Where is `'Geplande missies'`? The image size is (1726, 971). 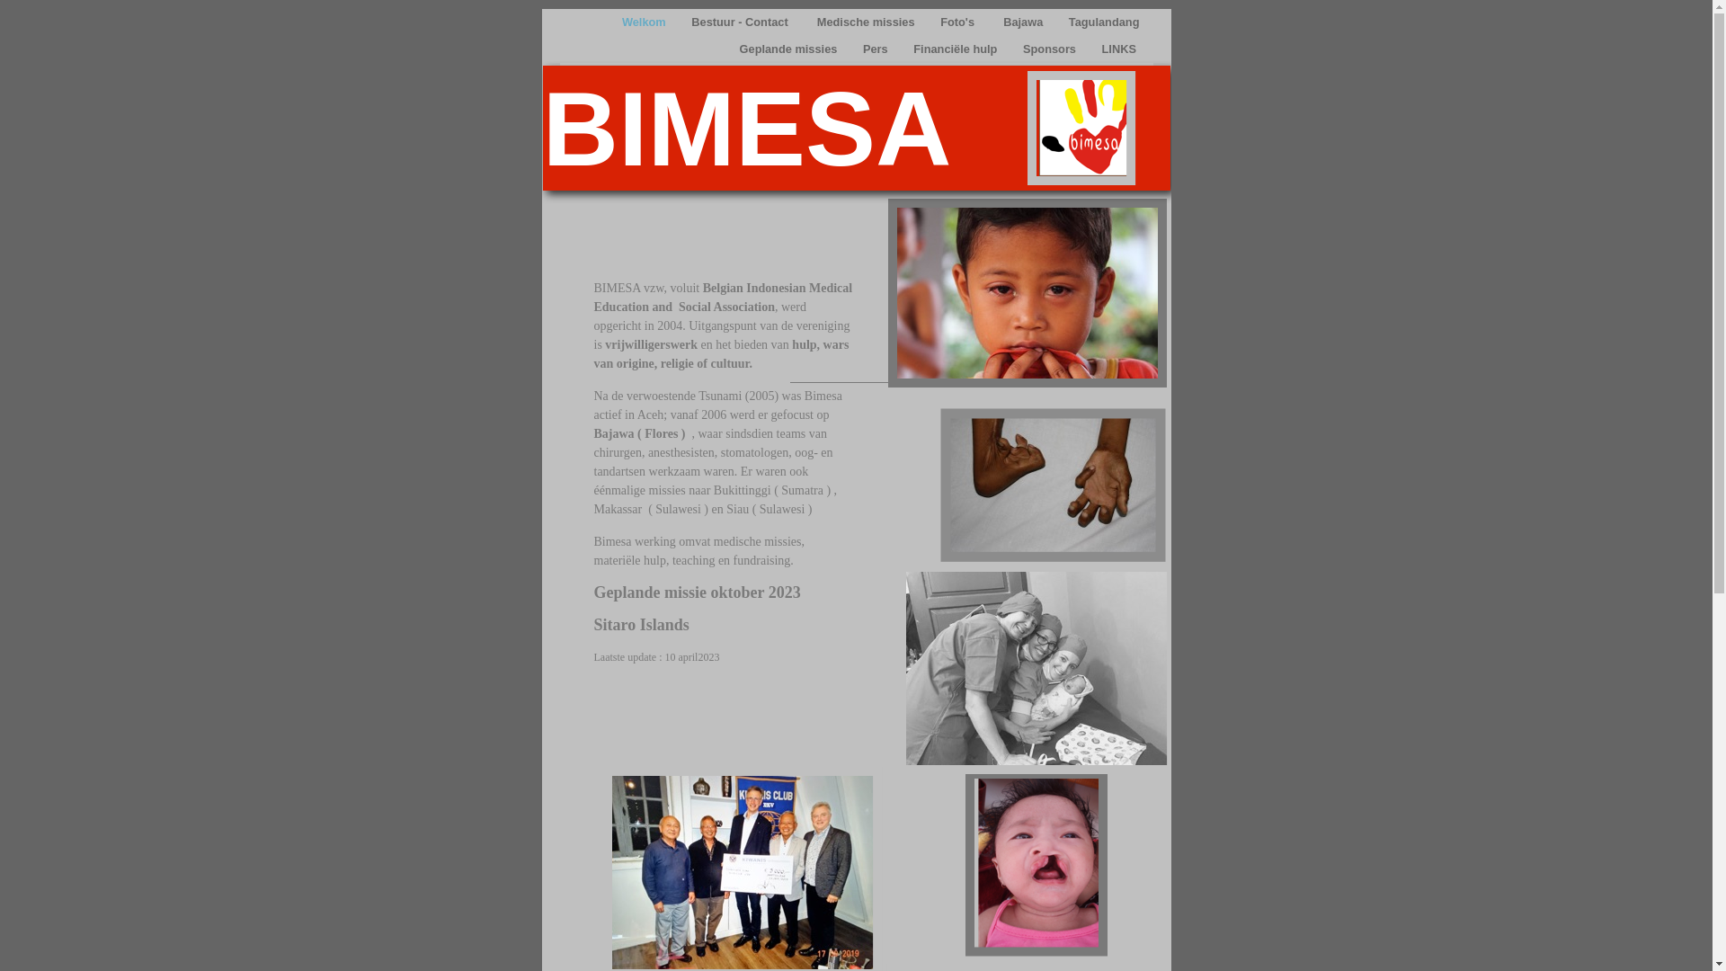 'Geplande missies' is located at coordinates (789, 48).